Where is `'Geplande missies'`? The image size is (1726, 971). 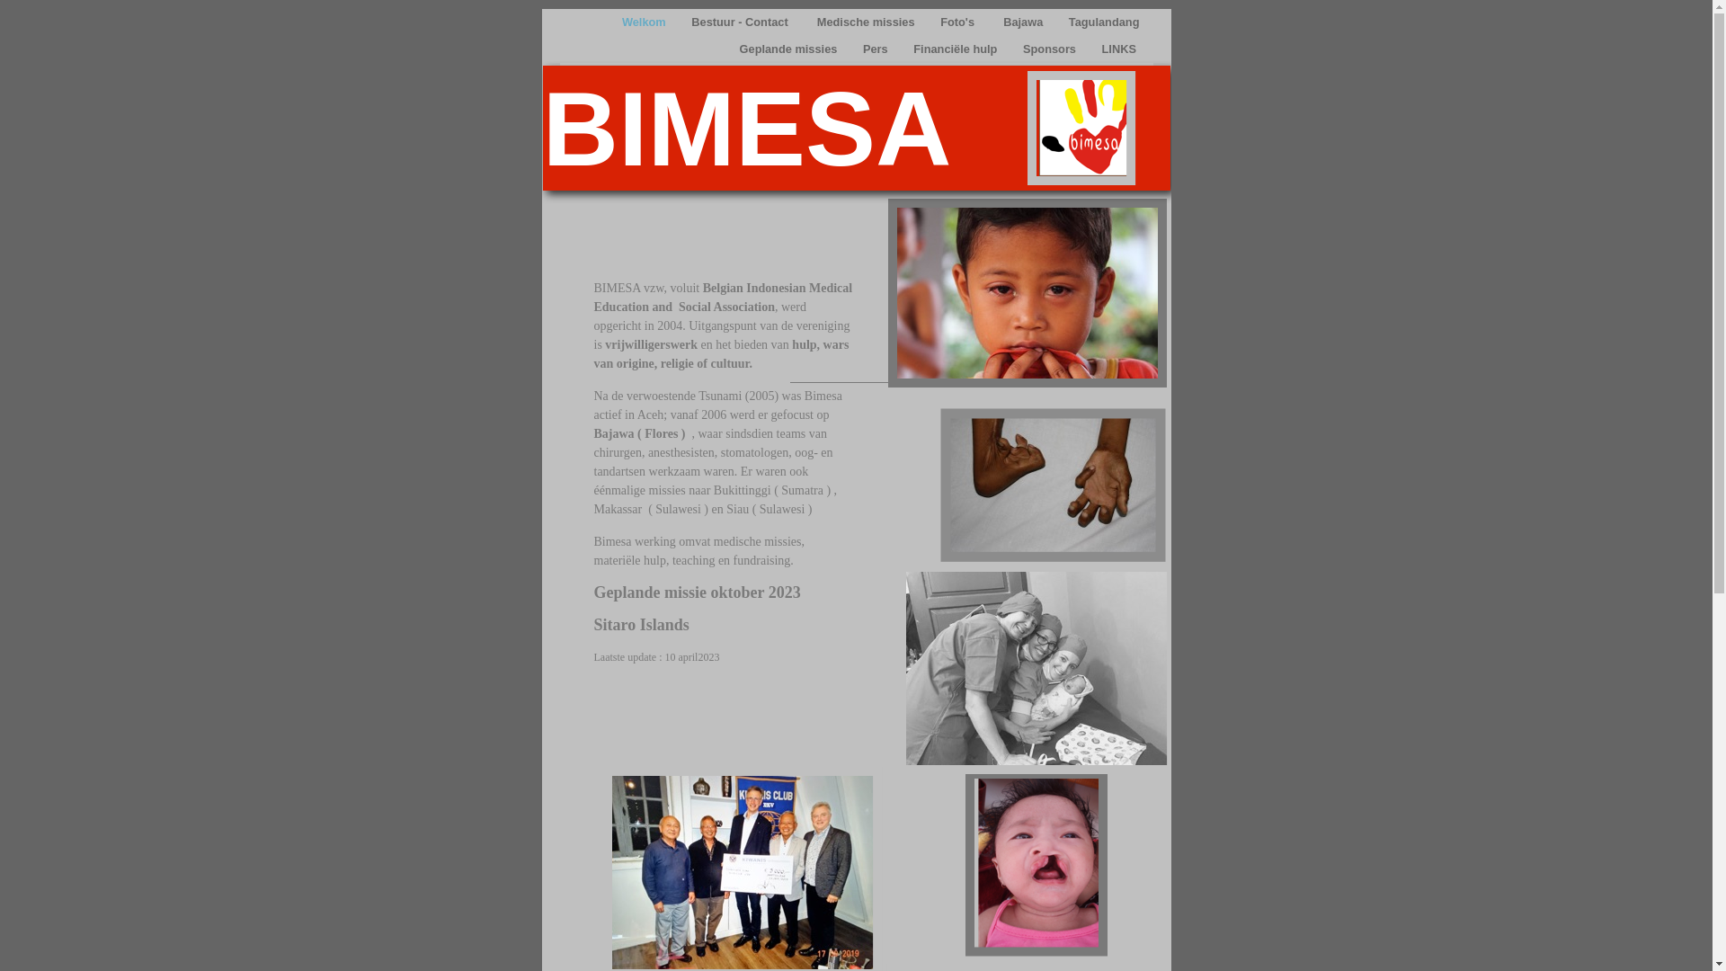 'Geplande missies' is located at coordinates (789, 48).